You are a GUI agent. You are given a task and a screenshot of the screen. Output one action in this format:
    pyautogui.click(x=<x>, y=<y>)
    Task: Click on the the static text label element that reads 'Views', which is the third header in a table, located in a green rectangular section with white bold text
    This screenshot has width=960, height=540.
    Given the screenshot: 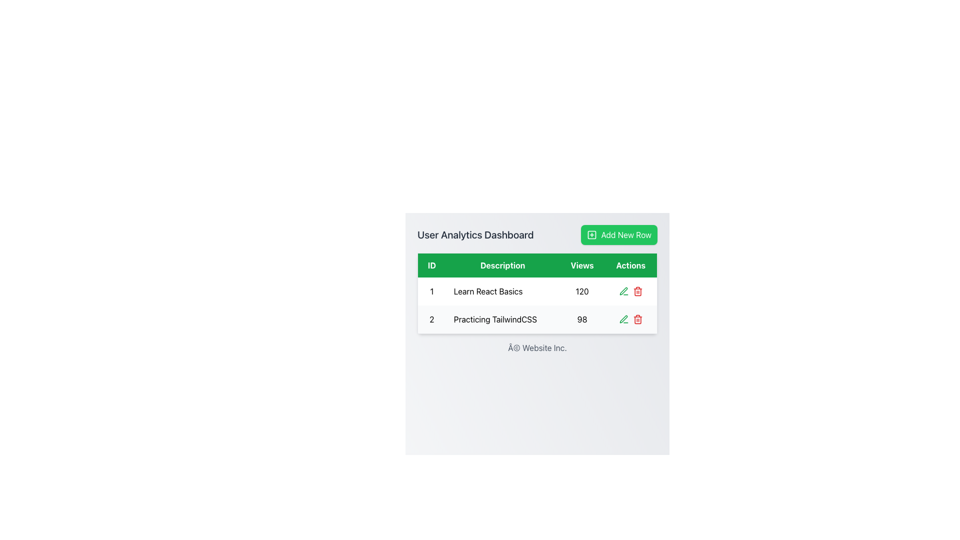 What is the action you would take?
    pyautogui.click(x=582, y=264)
    